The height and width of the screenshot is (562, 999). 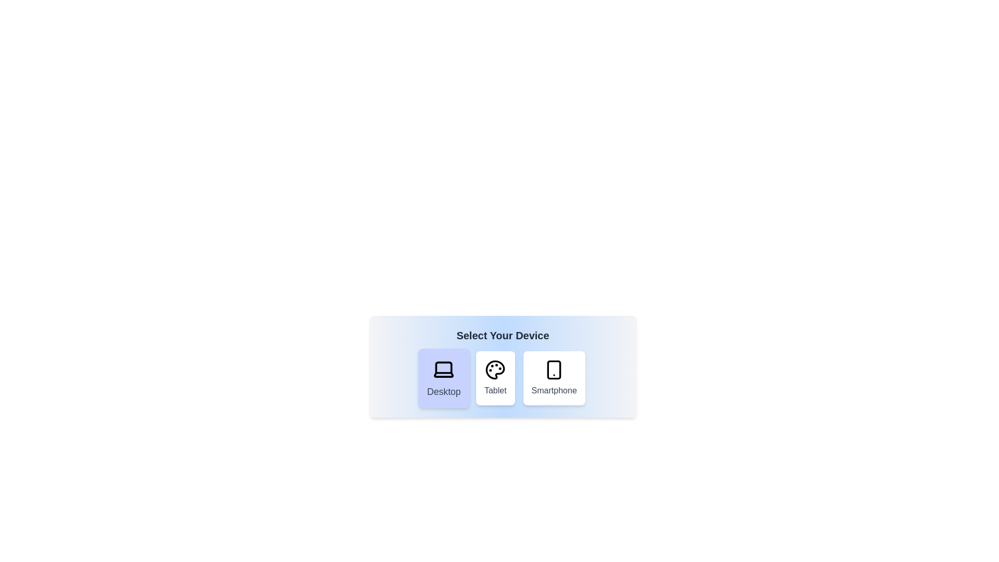 I want to click on the Interactive button to enable keyboard or accessibility tool interaction for selecting the 'Desktop' device option, so click(x=444, y=378).